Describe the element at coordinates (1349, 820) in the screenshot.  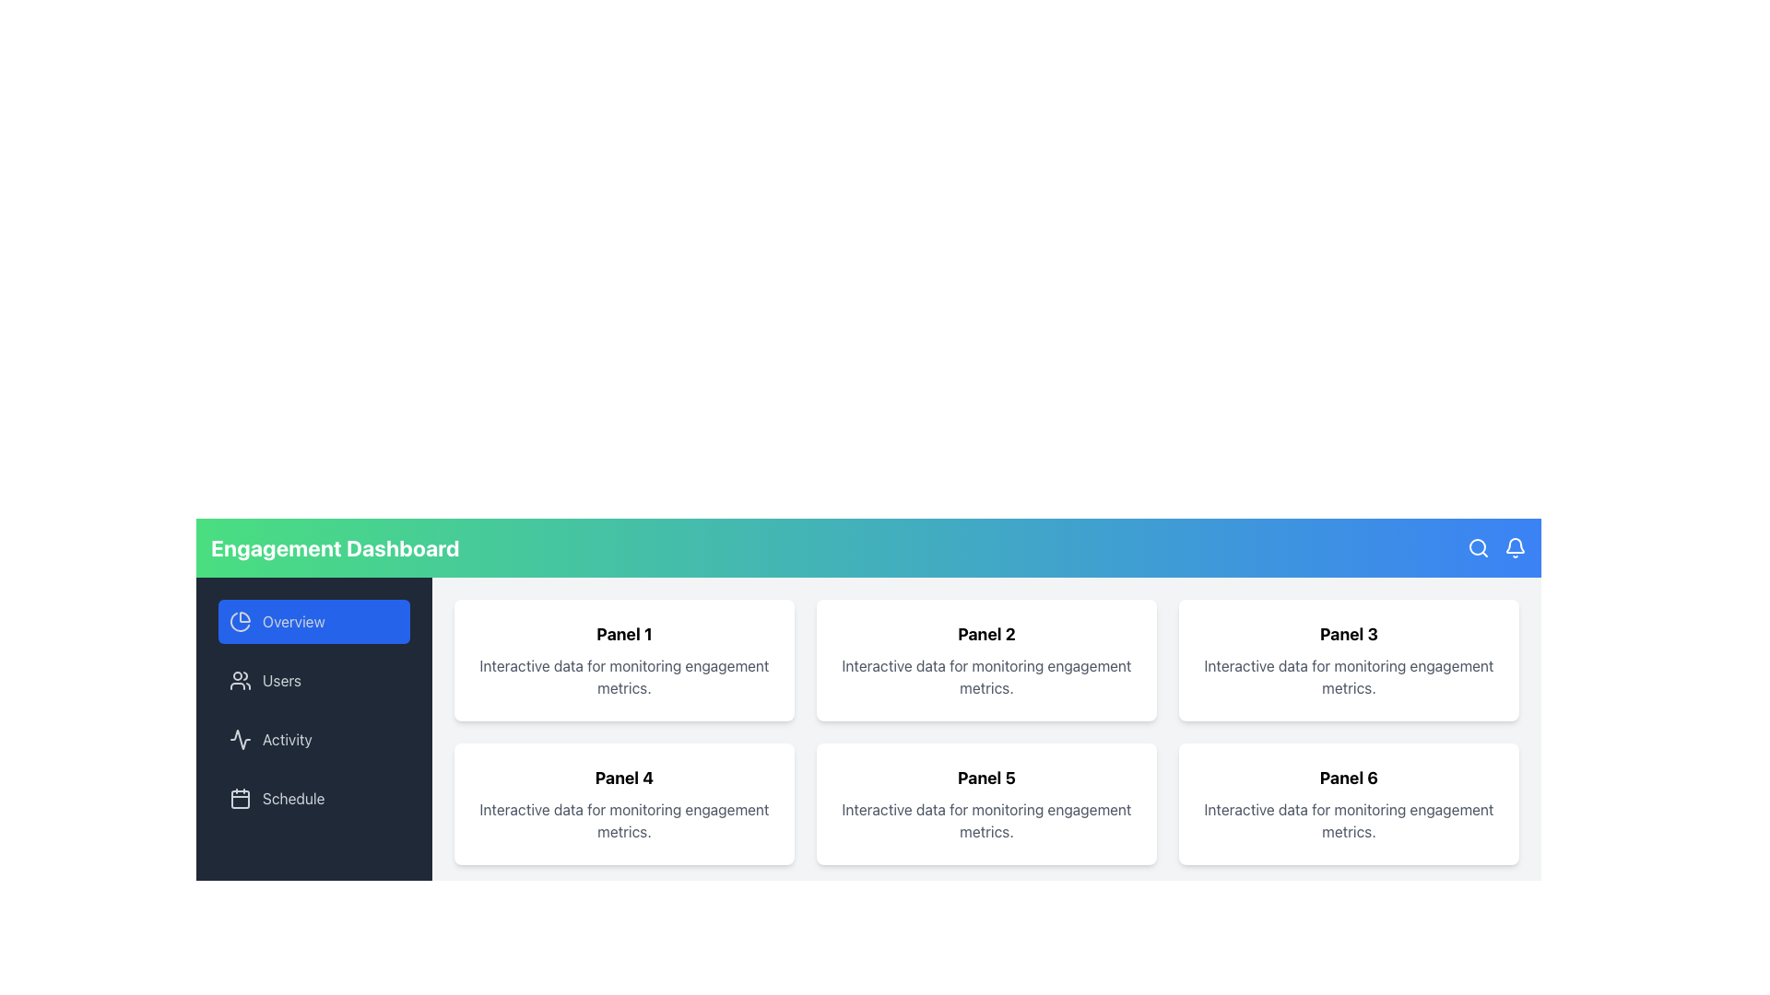
I see `displayed text in the text block showing 'Interactive data for monitoring engagement metrics.' located beneath the heading 'Panel 6'` at that location.